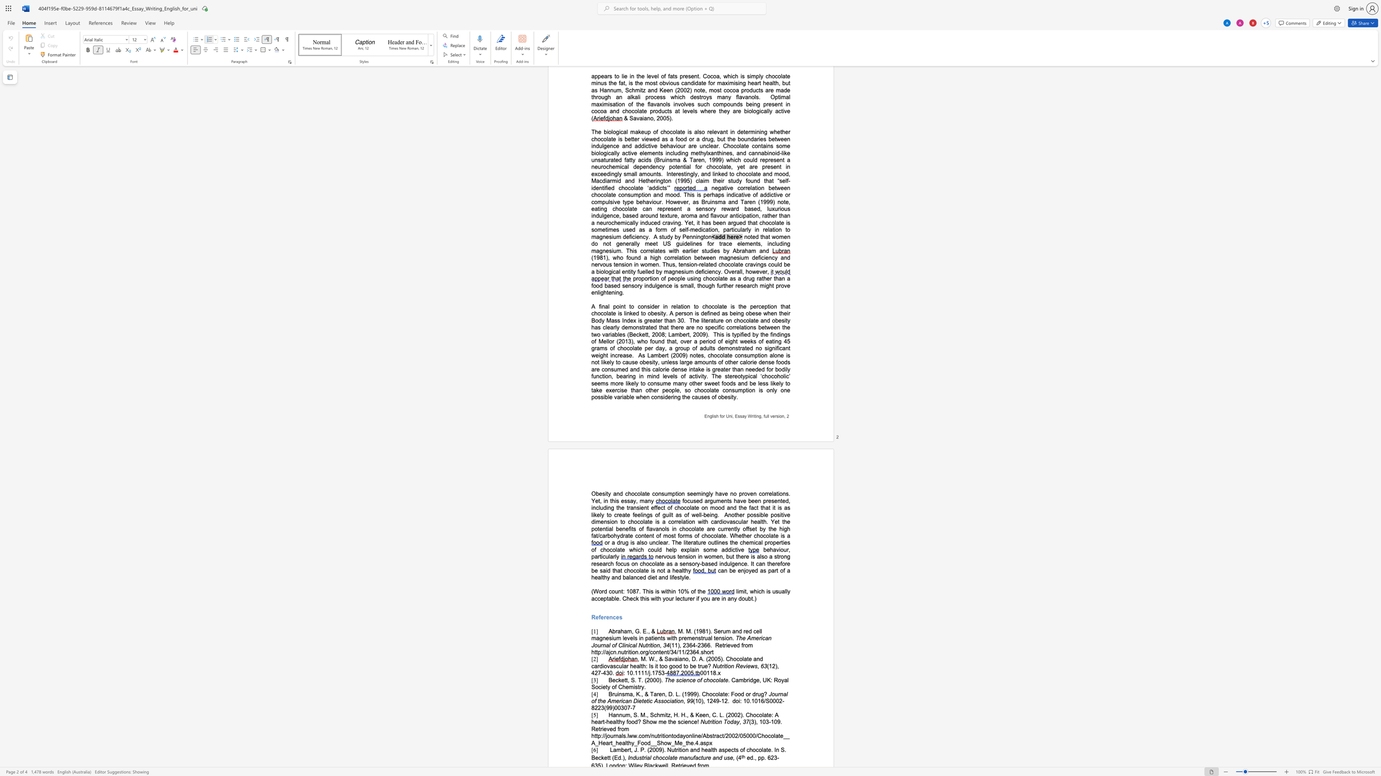 This screenshot has height=776, width=1381. What do you see at coordinates (595, 758) in the screenshot?
I see `the space between the continuous character "B" and "e" in the text` at bounding box center [595, 758].